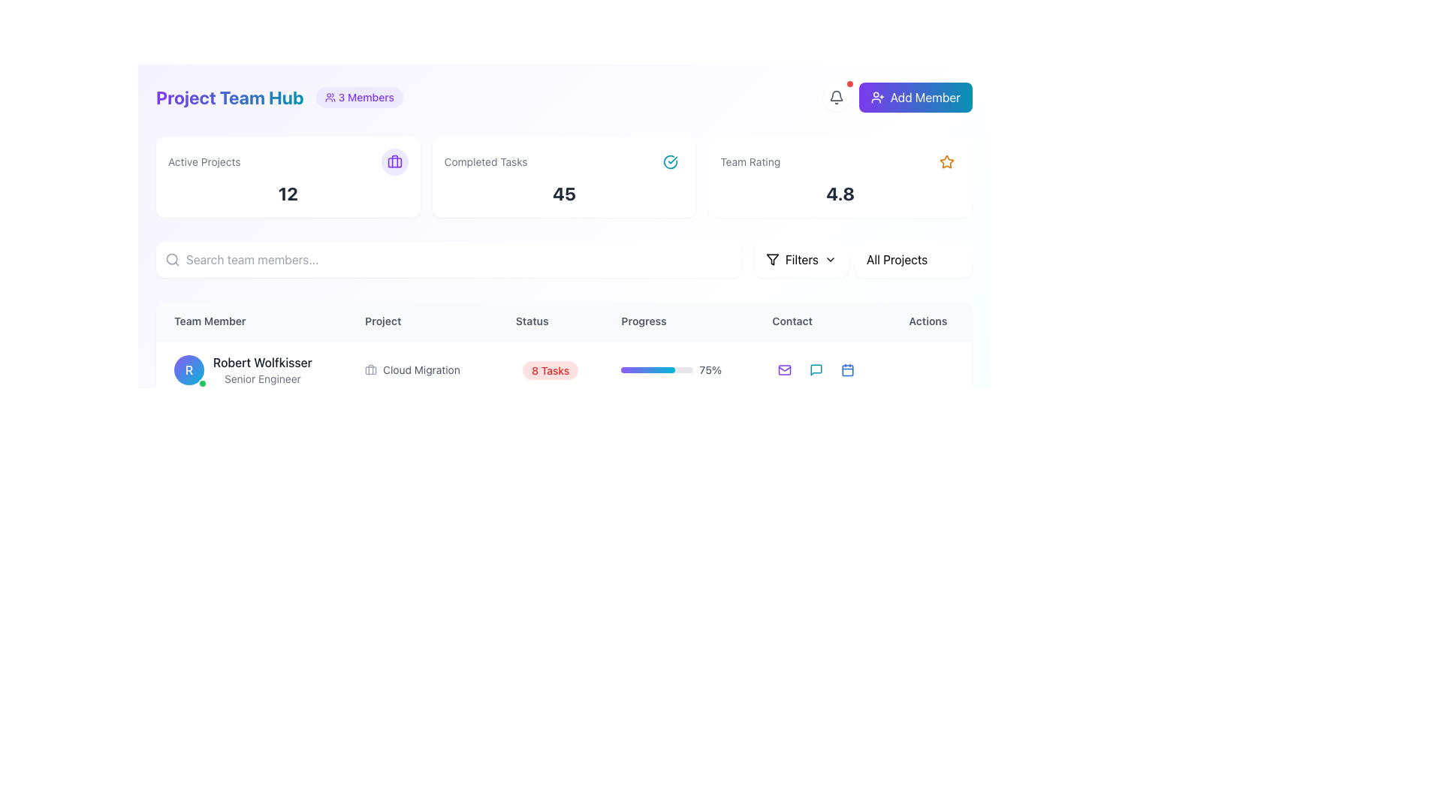  What do you see at coordinates (371, 369) in the screenshot?
I see `the vertical rectangular iconographic element resembling a briefcase, which is light gray in color and part of an SVG graphic` at bounding box center [371, 369].